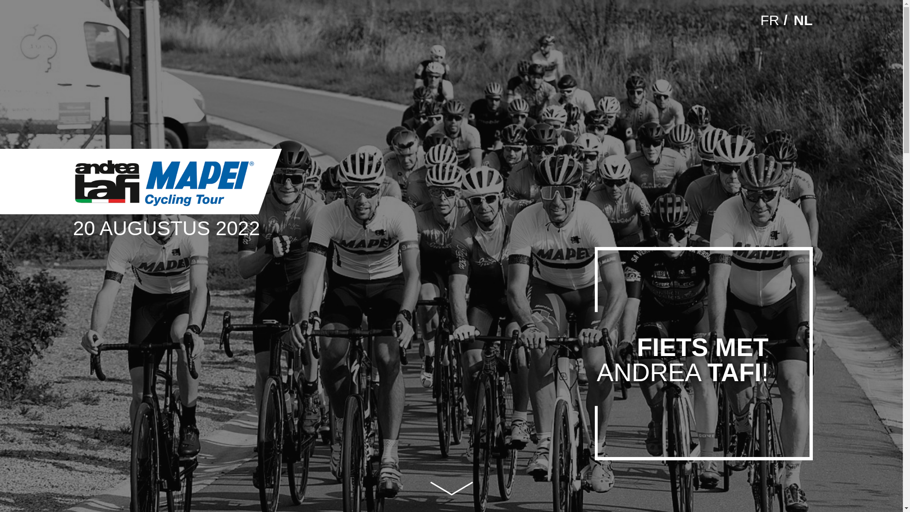 The height and width of the screenshot is (512, 910). What do you see at coordinates (802, 20) in the screenshot?
I see `'NL'` at bounding box center [802, 20].